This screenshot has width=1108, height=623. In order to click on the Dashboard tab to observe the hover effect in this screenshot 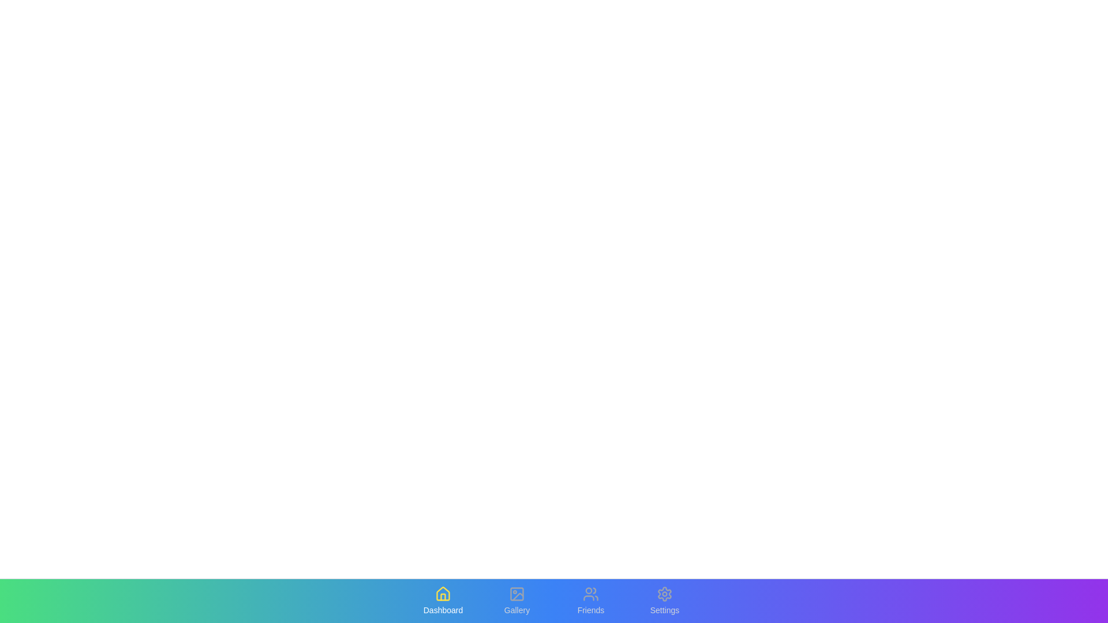, I will do `click(443, 600)`.